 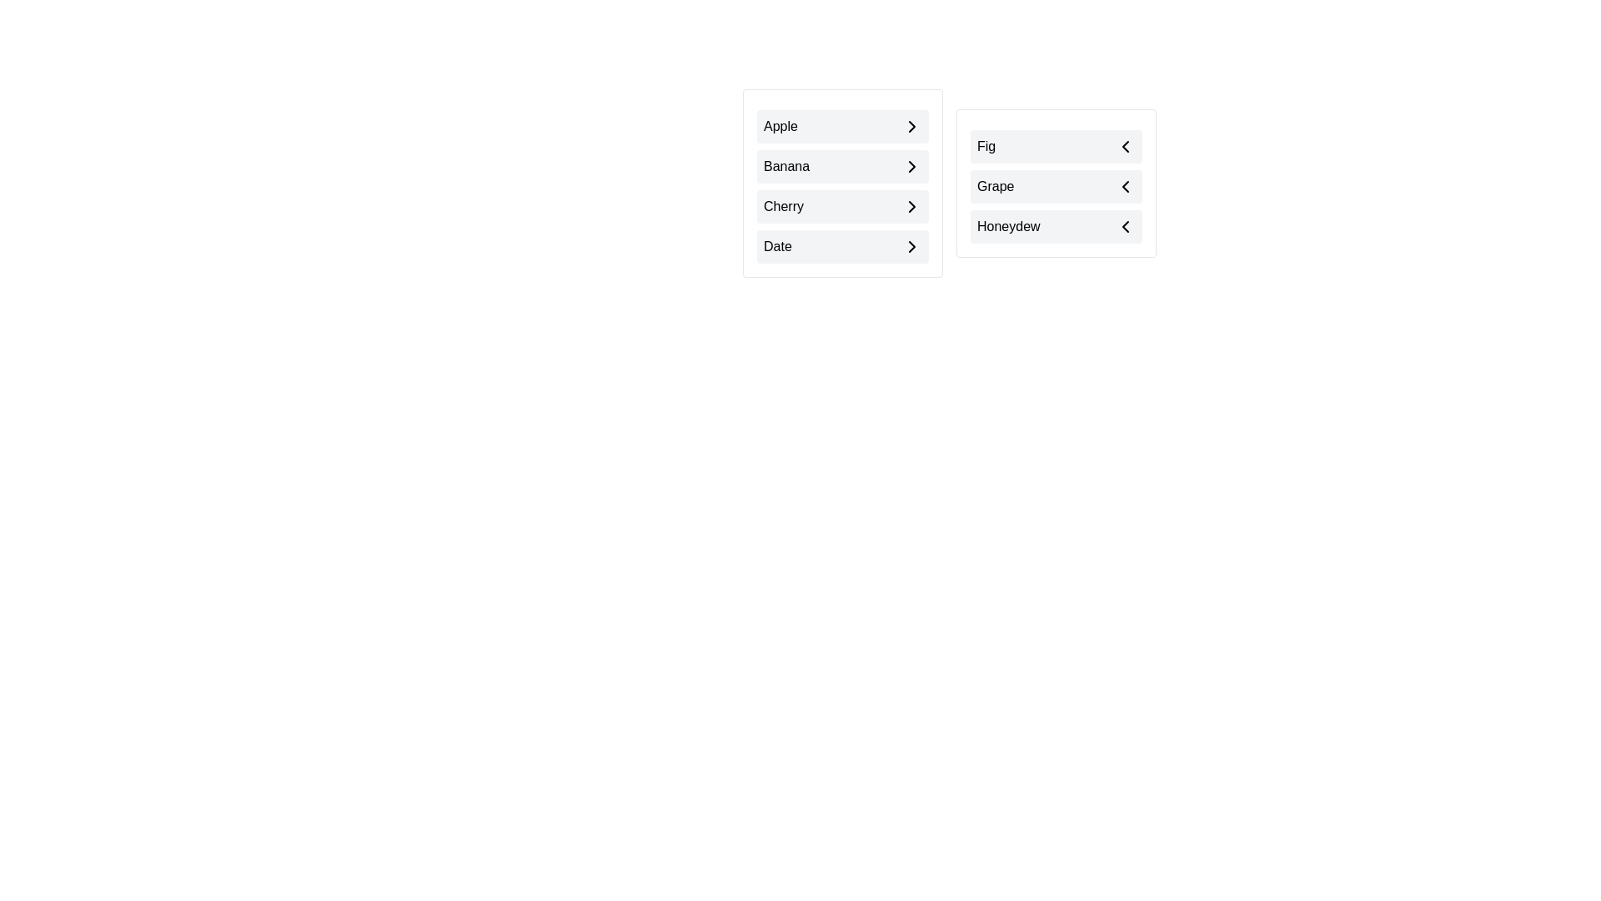 I want to click on the item Date in the list, so click(x=843, y=247).